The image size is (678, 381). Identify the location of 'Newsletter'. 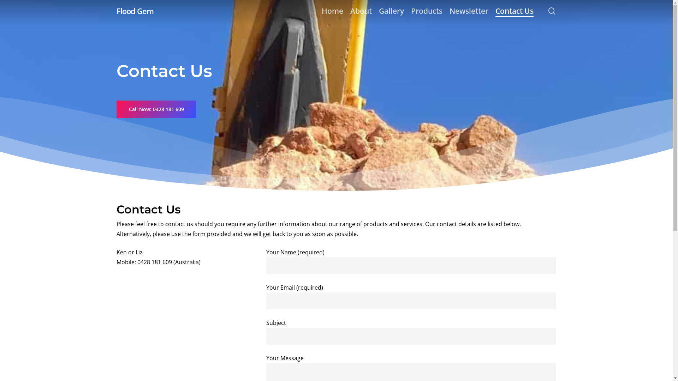
(469, 11).